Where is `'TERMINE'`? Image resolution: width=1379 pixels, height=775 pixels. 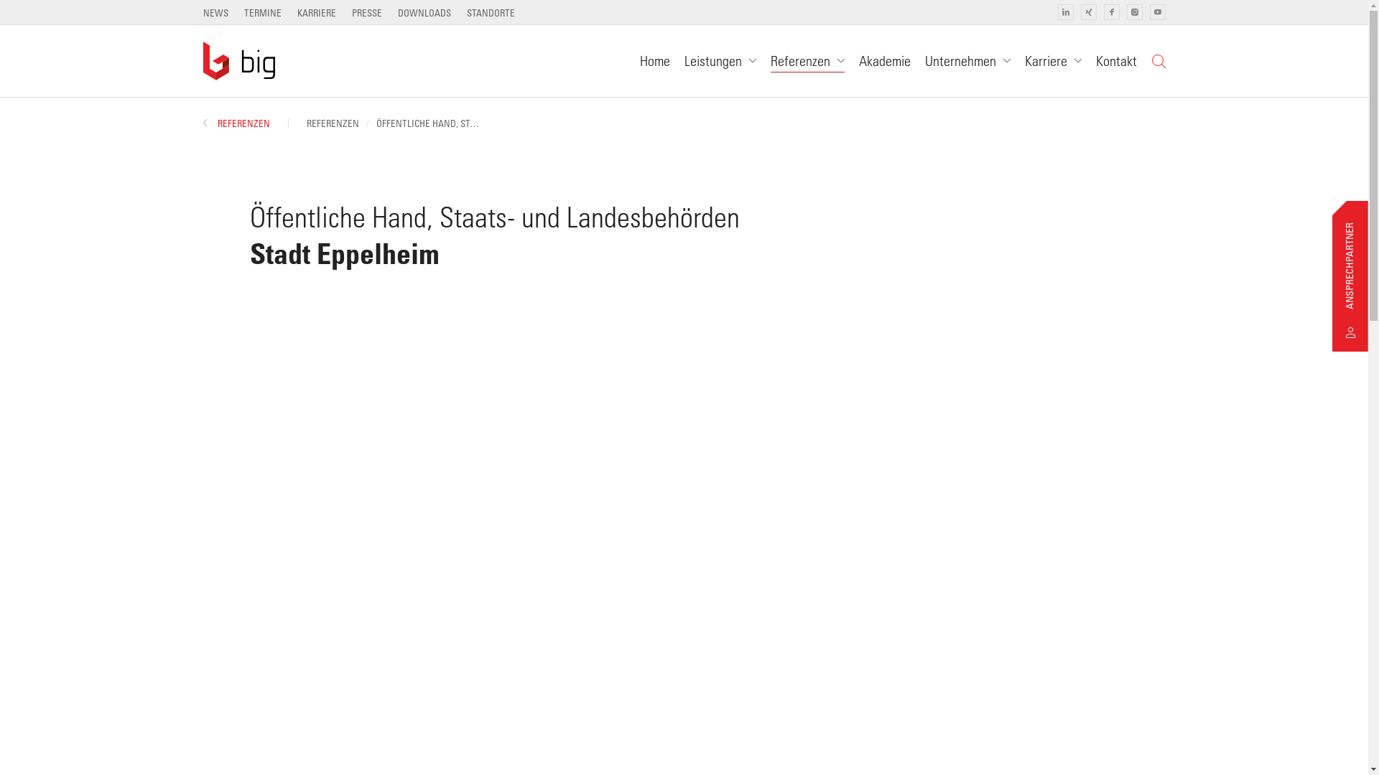
'TERMINE' is located at coordinates (262, 12).